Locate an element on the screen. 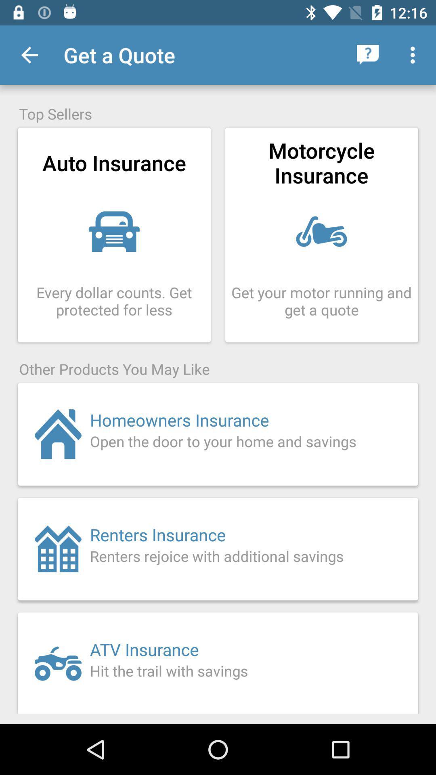 This screenshot has height=775, width=436. the icon above the top sellers icon is located at coordinates (29, 54).